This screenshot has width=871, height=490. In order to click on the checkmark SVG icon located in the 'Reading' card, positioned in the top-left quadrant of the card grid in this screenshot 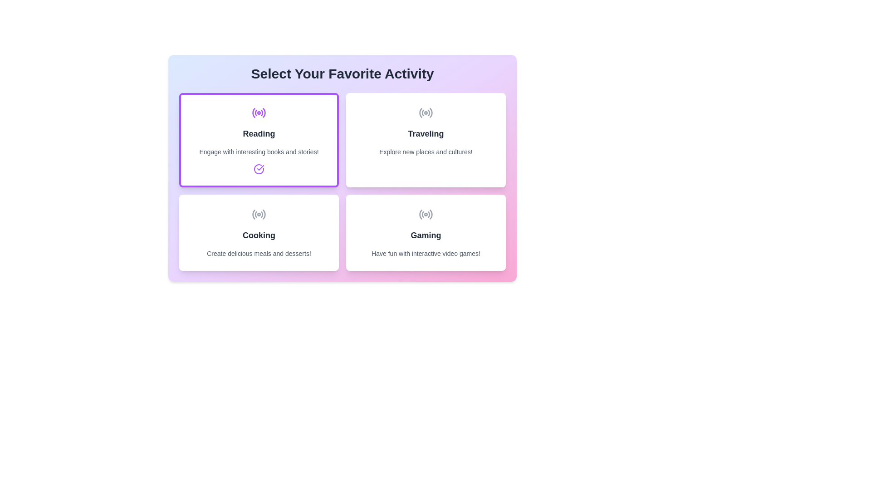, I will do `click(260, 168)`.